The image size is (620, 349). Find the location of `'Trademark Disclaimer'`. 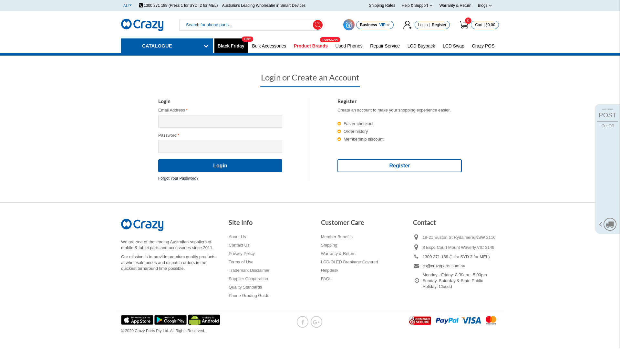

'Trademark Disclaimer' is located at coordinates (249, 270).